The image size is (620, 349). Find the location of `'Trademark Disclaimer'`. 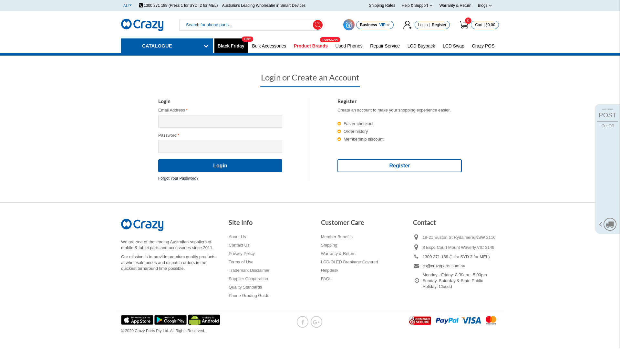

'Trademark Disclaimer' is located at coordinates (249, 270).